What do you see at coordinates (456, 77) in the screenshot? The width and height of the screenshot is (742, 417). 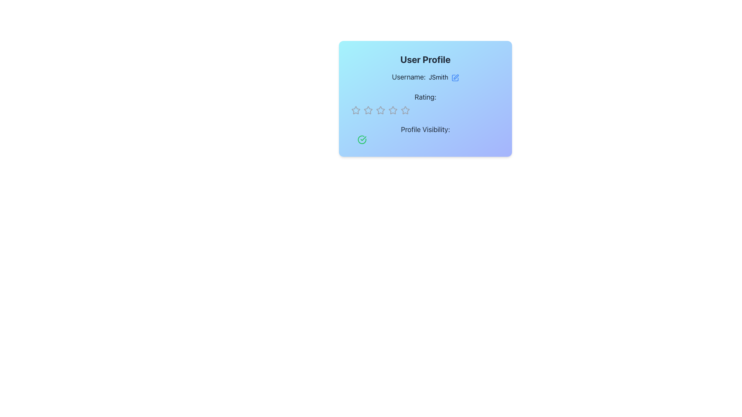 I see `the edit icon adjacent to the username 'Username: JSmith'` at bounding box center [456, 77].